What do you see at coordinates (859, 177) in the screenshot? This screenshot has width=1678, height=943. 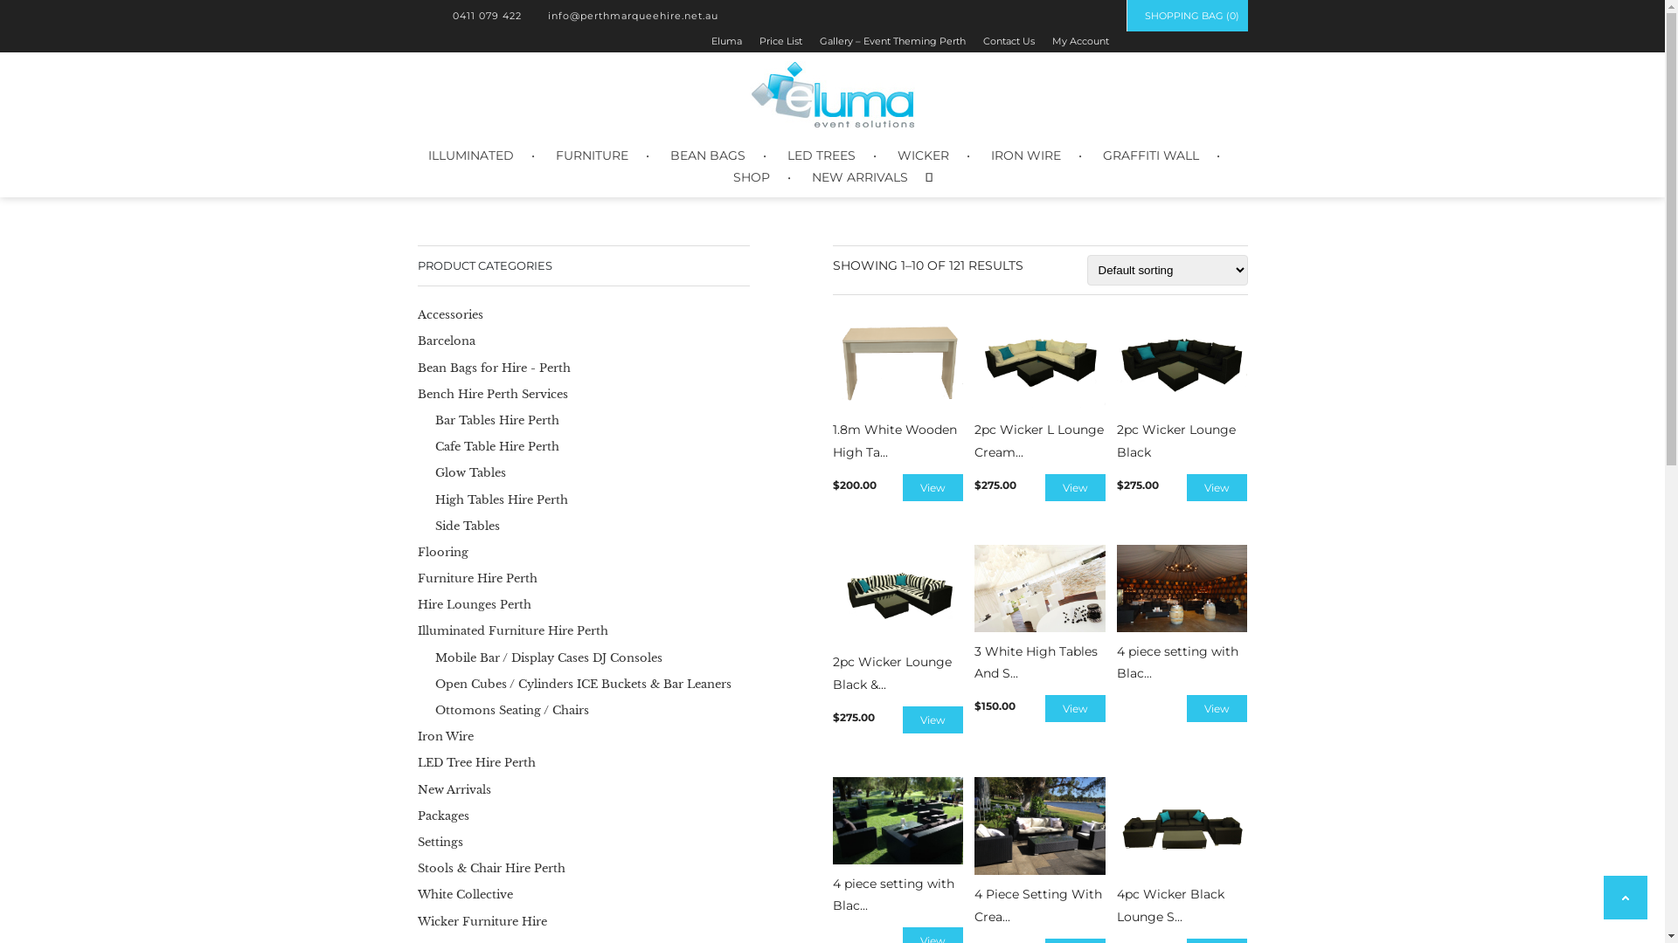 I see `'NEW ARRIVALS'` at bounding box center [859, 177].